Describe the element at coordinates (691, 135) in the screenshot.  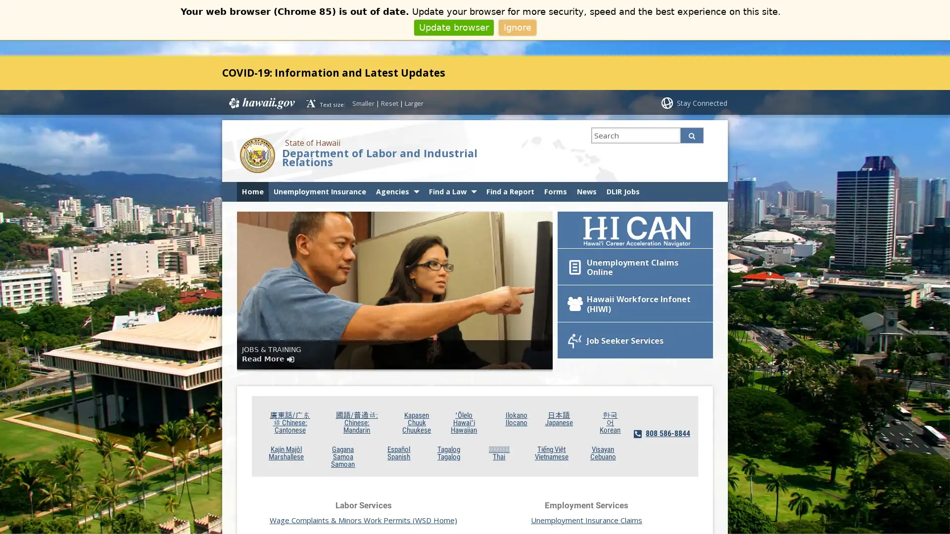
I see `Search` at that location.